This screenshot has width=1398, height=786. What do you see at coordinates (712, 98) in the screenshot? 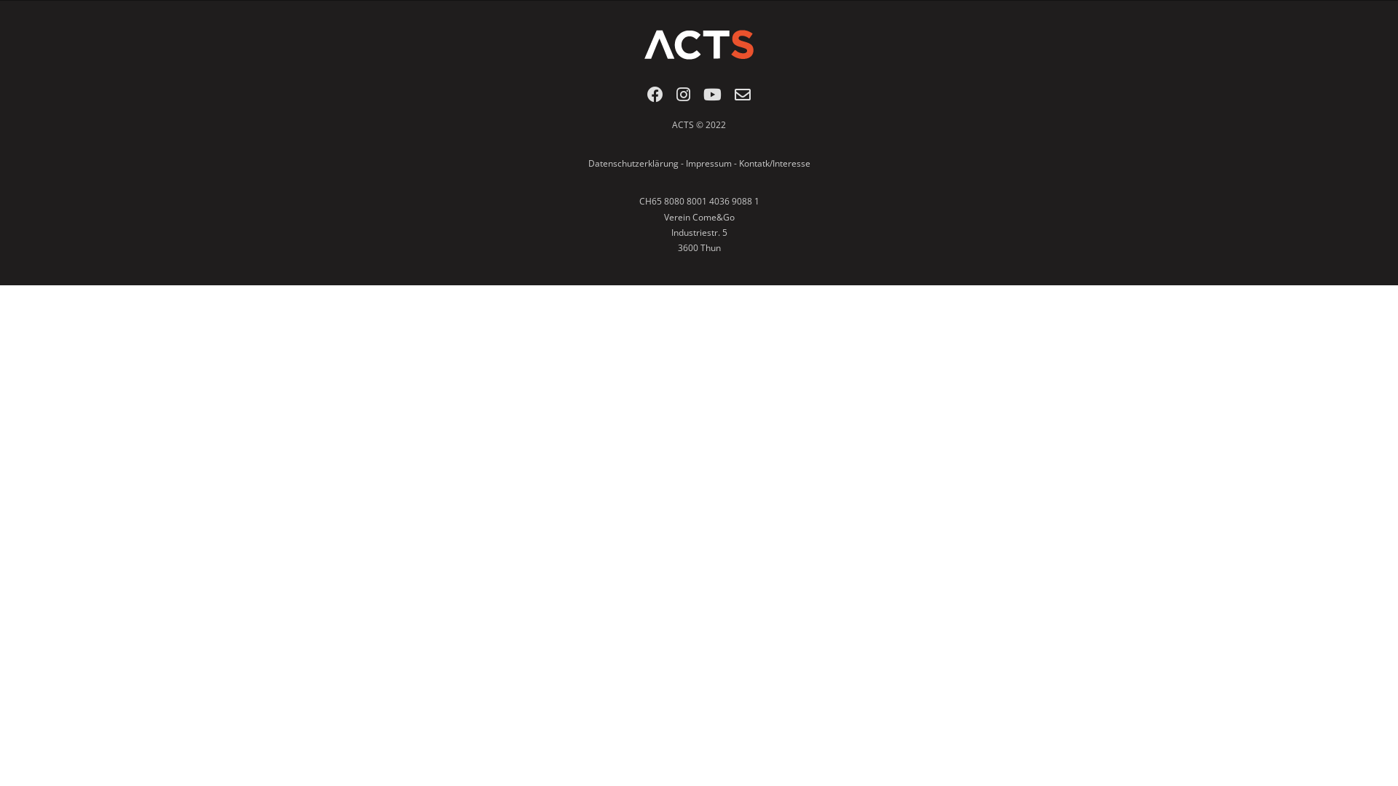
I see `'Youtube'` at bounding box center [712, 98].